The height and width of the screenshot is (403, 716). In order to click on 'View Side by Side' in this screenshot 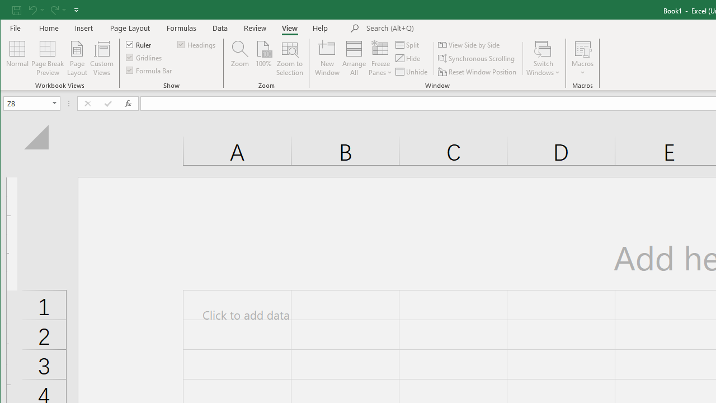, I will do `click(469, 44)`.